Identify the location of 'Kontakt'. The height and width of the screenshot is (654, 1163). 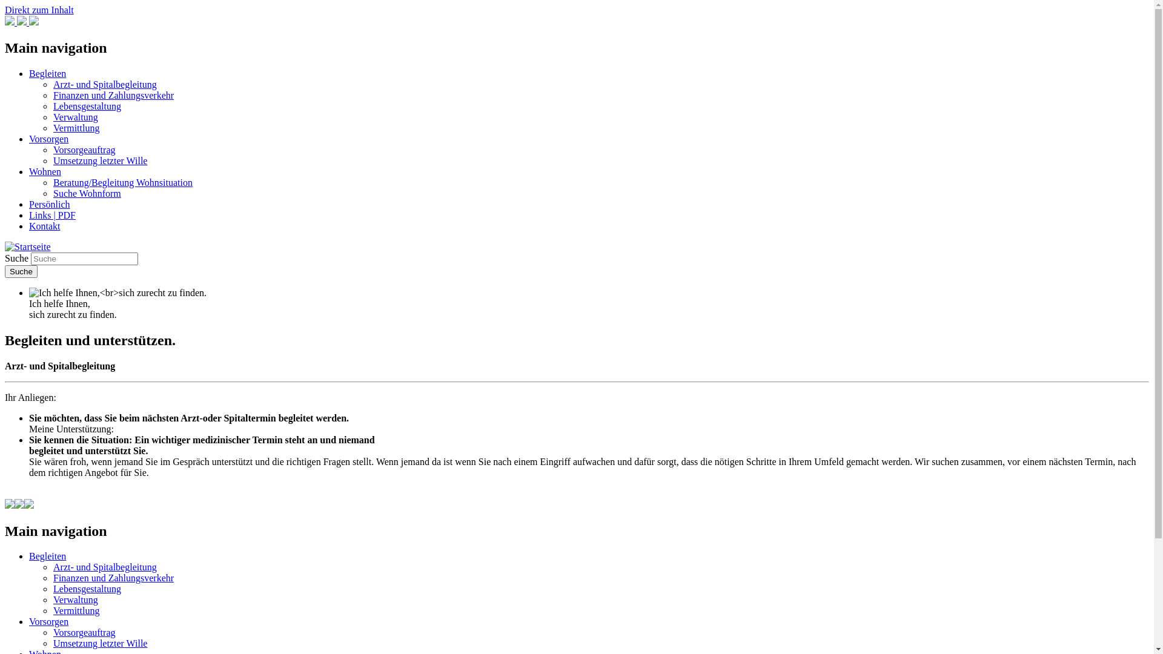
(44, 226).